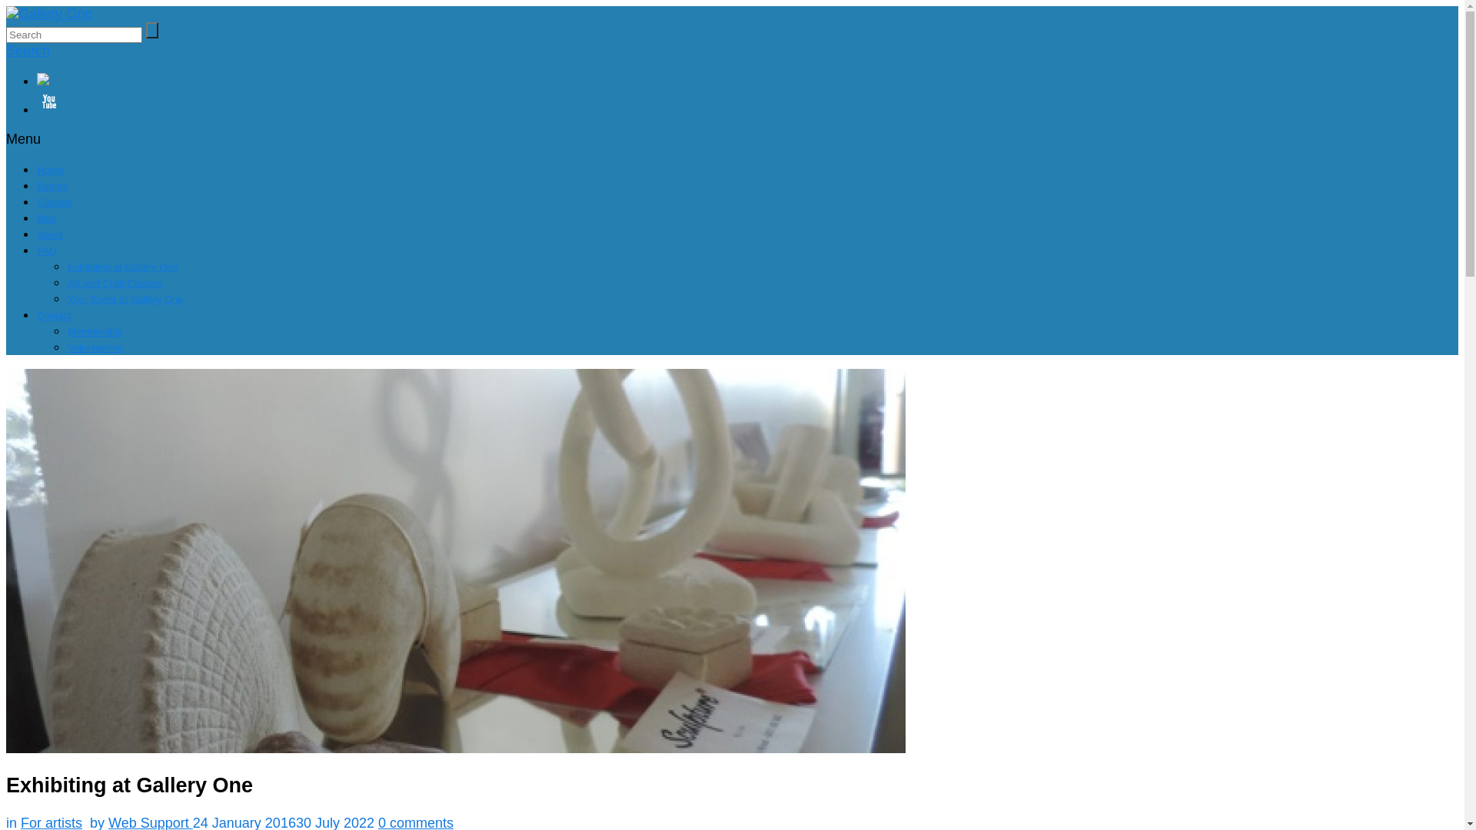 The width and height of the screenshot is (1476, 830). I want to click on 'Contact', so click(54, 314).